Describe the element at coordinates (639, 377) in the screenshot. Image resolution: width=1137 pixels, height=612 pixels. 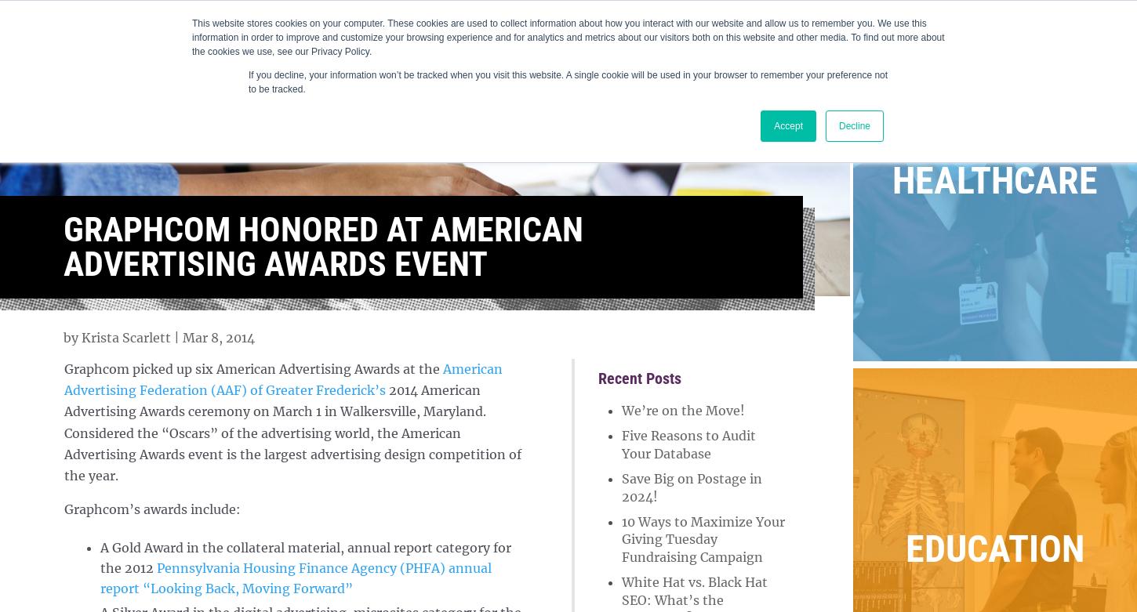
I see `'Recent Posts'` at that location.